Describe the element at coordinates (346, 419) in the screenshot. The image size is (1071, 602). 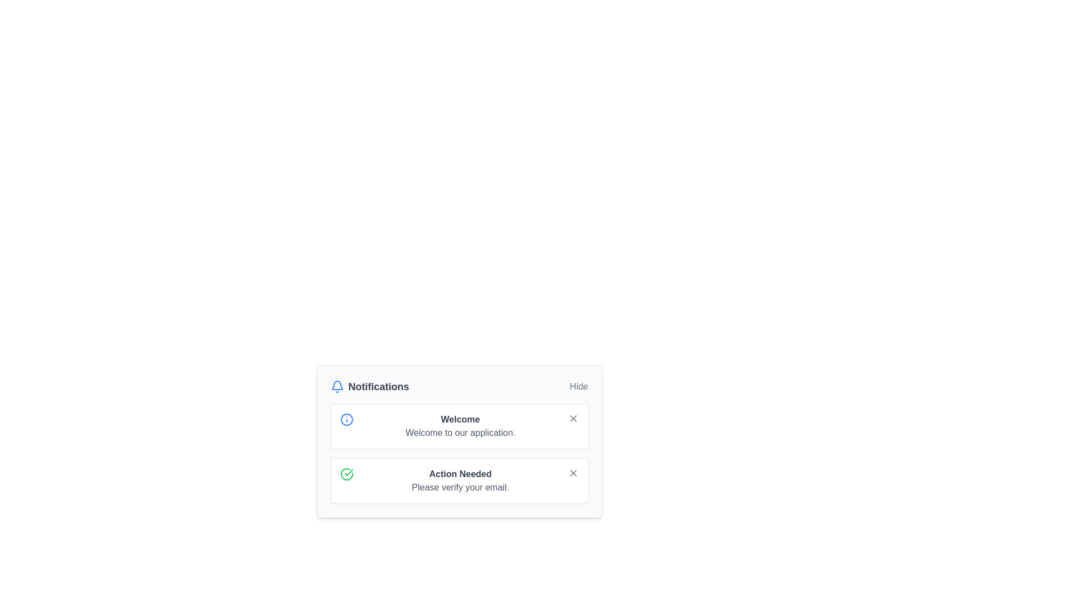
I see `the informational icon associated with the 'Welcome' notification` at that location.